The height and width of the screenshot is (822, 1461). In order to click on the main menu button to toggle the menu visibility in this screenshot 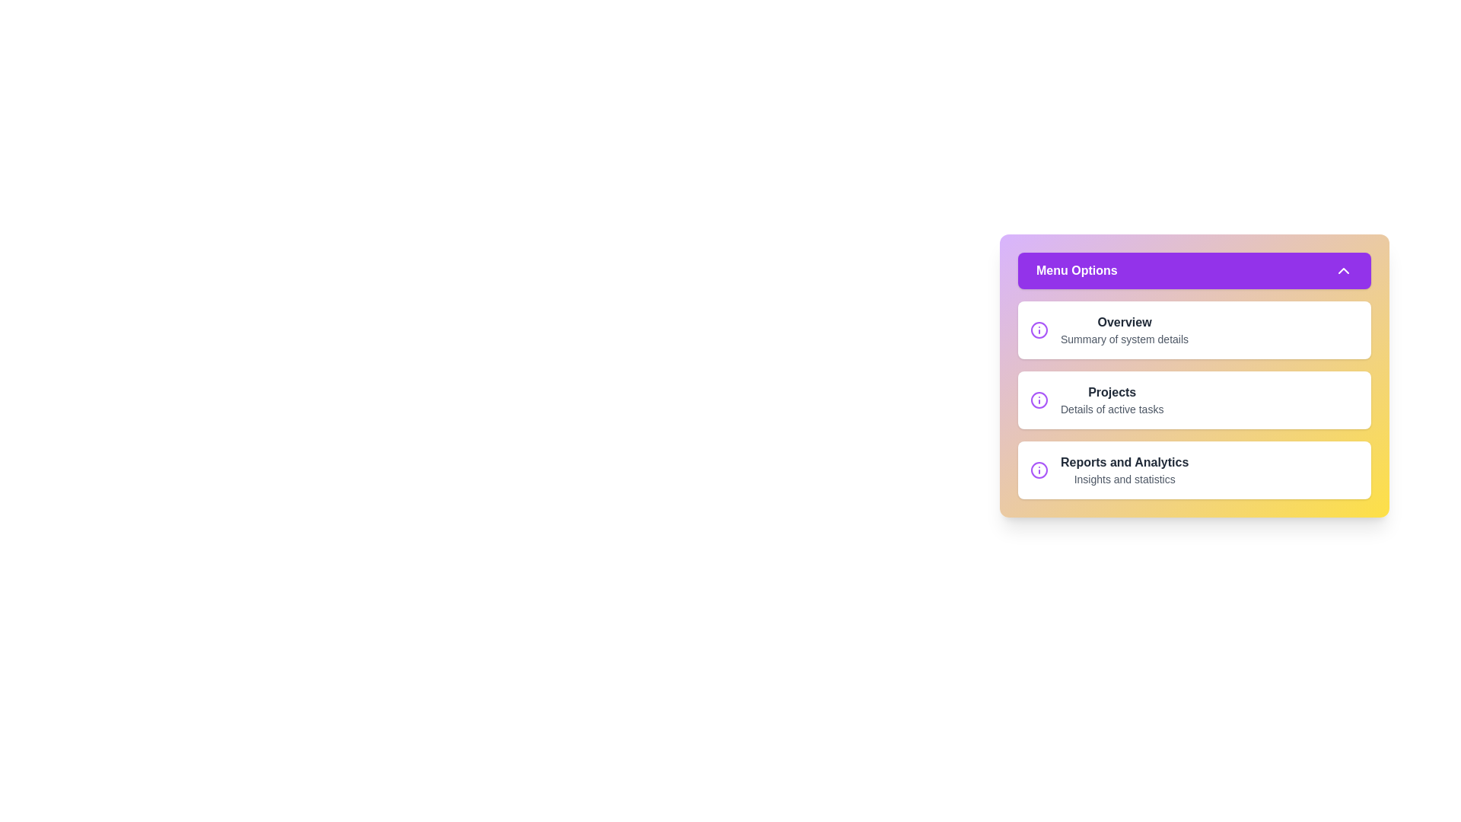, I will do `click(1193, 269)`.